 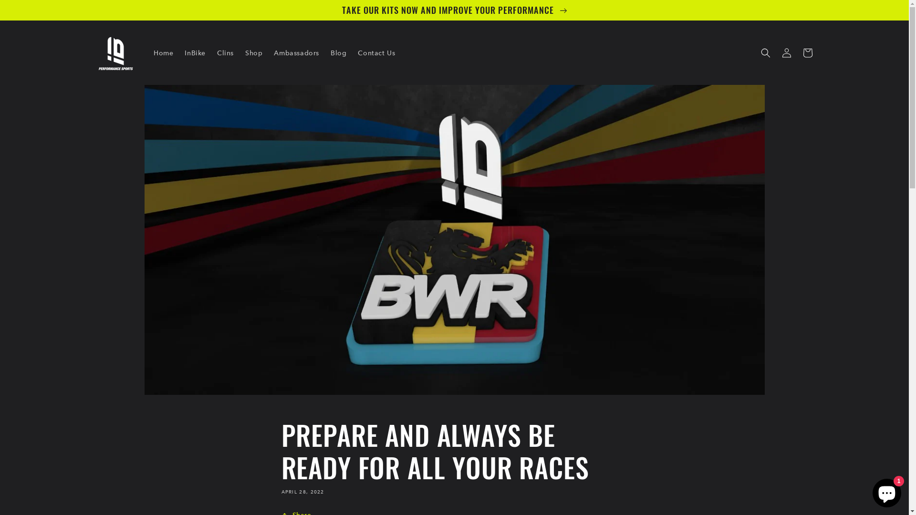 What do you see at coordinates (338, 53) in the screenshot?
I see `'Blog'` at bounding box center [338, 53].